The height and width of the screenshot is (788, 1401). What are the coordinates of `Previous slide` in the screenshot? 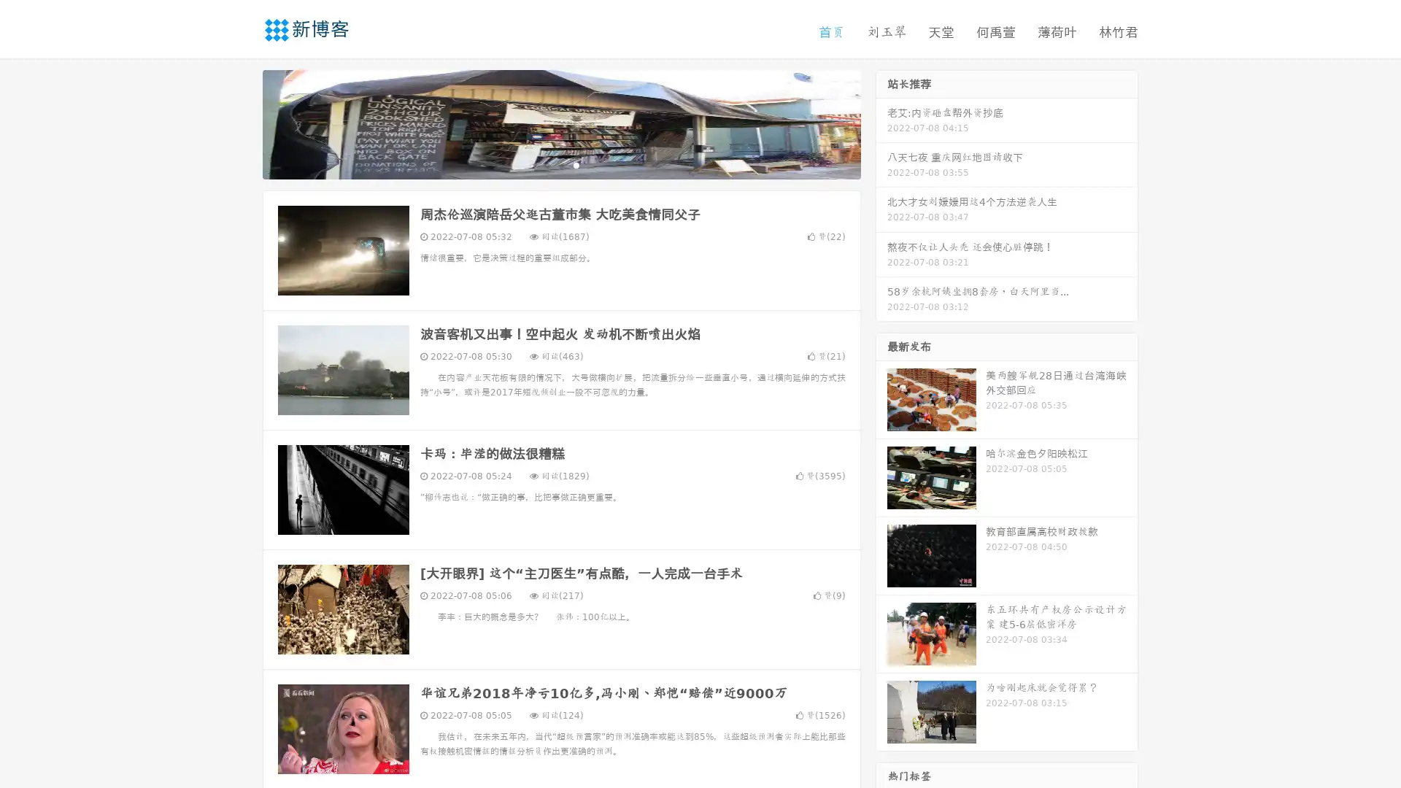 It's located at (241, 123).